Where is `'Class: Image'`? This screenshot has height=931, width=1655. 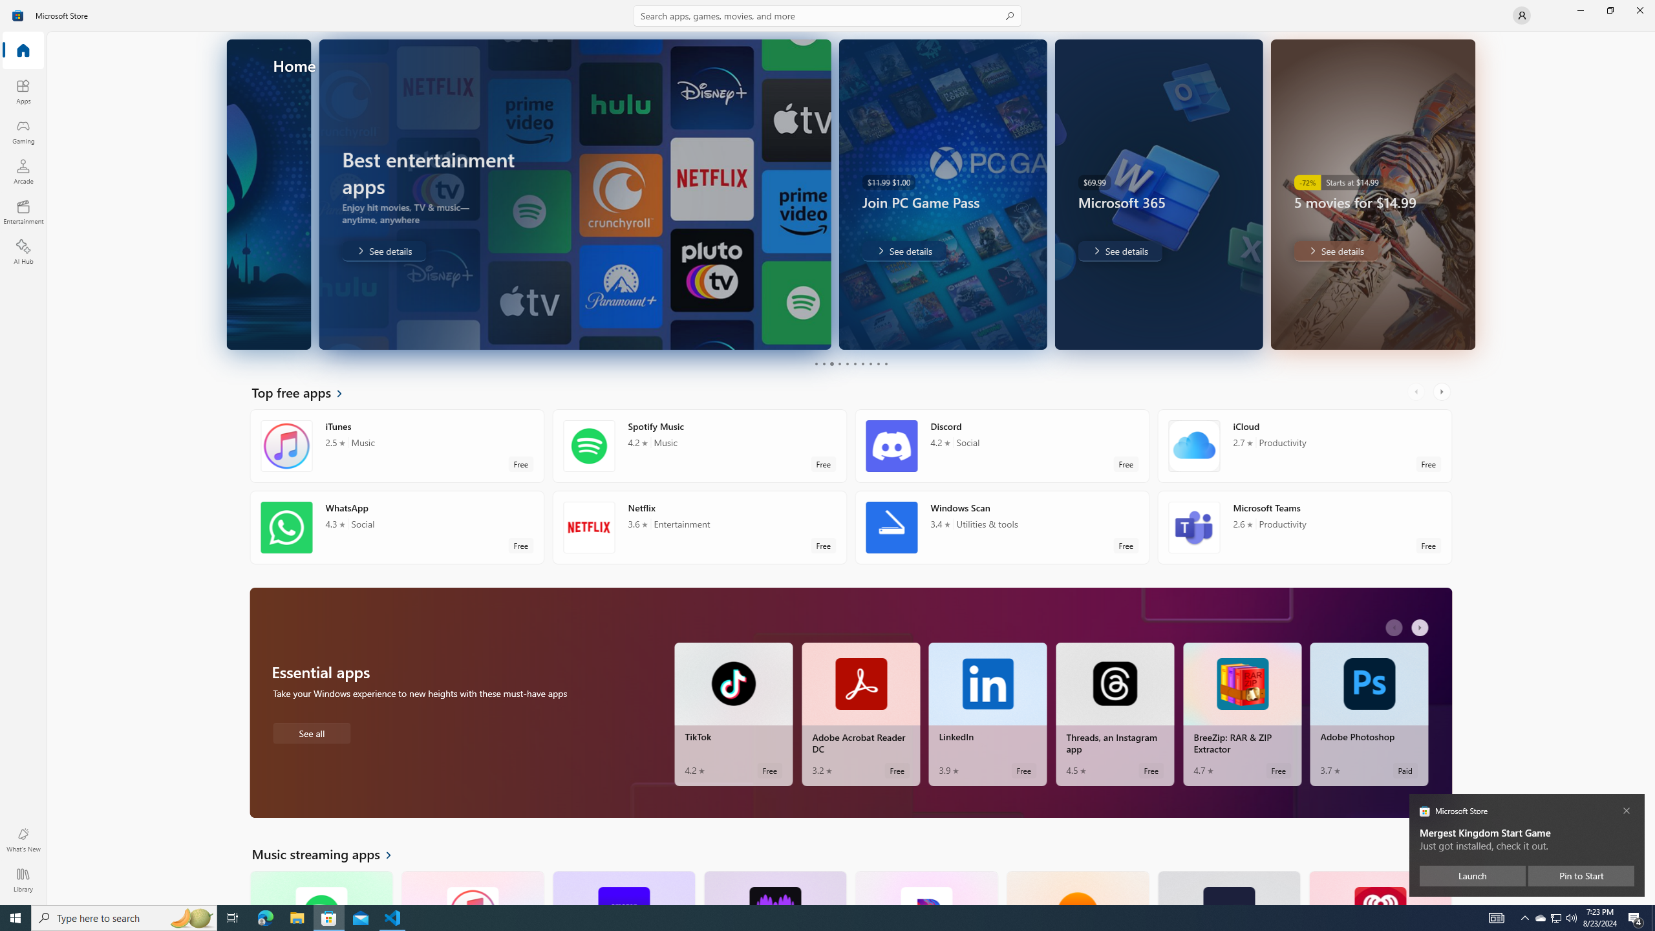
'Class: Image' is located at coordinates (18, 14).